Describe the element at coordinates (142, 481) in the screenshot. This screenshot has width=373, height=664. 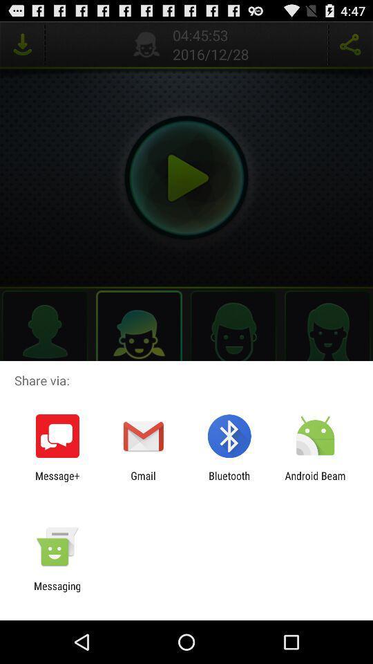
I see `the app next to bluetooth app` at that location.